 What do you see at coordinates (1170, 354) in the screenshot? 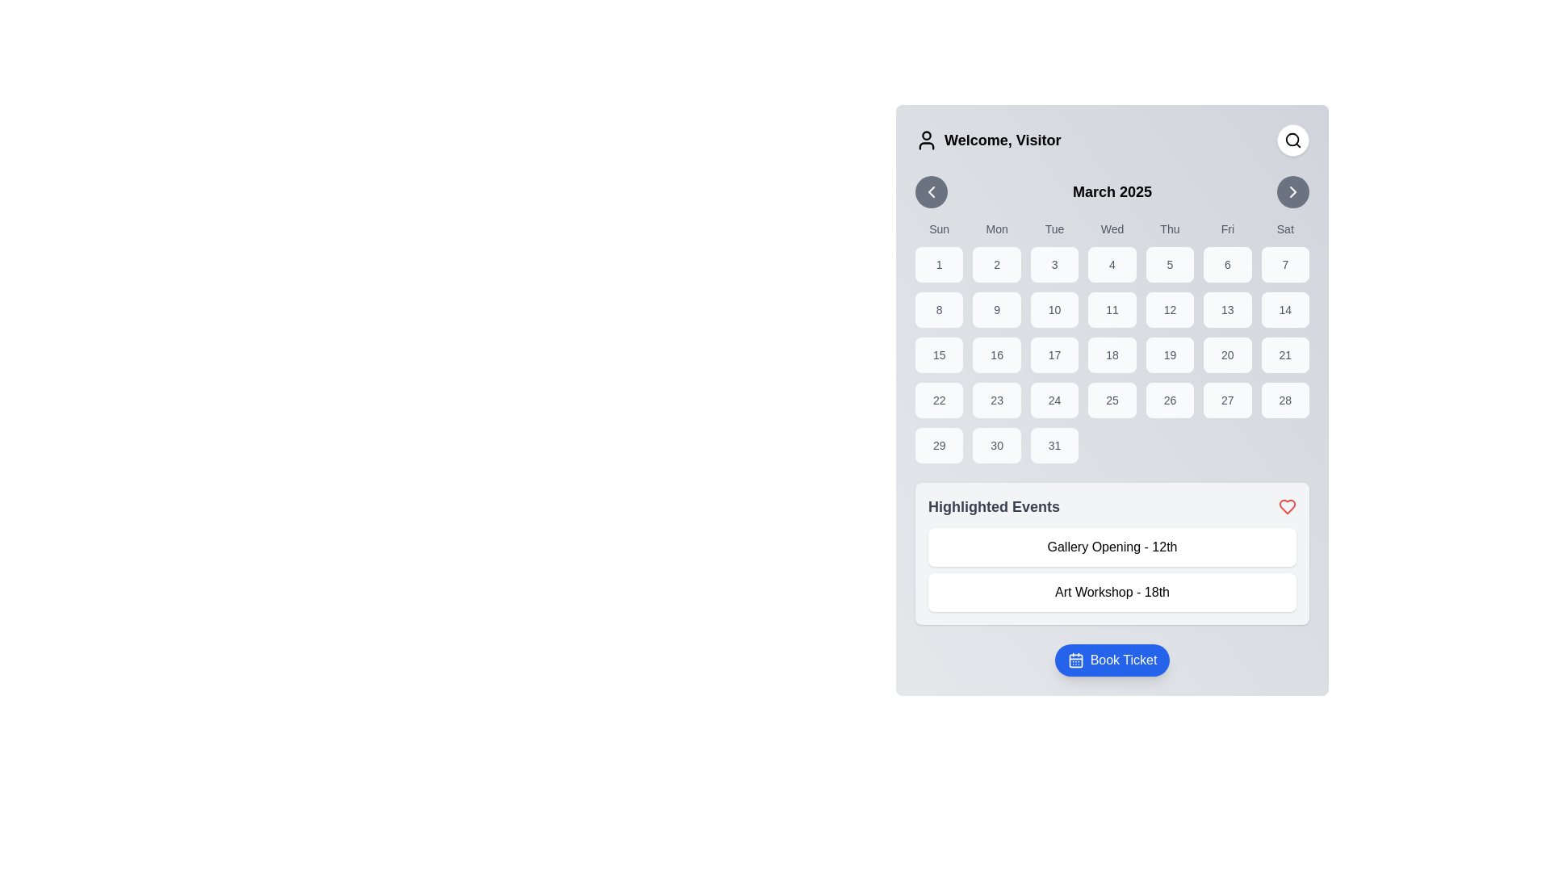
I see `the Calendar day button representing the date 19, located in the fifth column of the fourth row of the calendar grid` at bounding box center [1170, 354].